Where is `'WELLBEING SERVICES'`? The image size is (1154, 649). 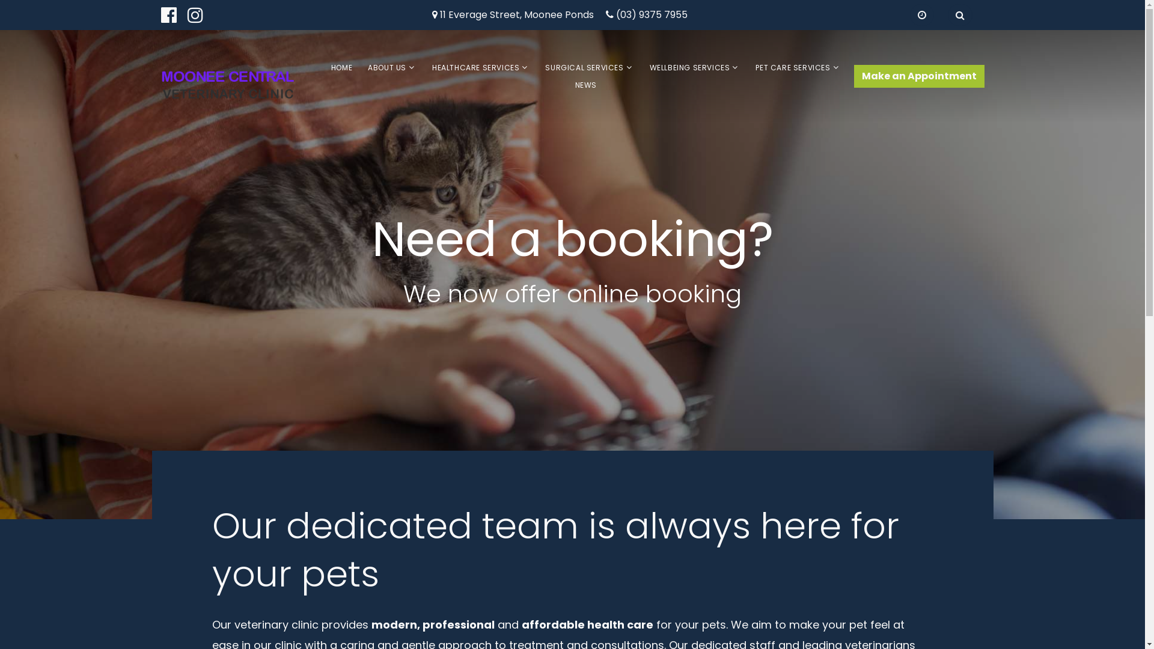 'WELLBEING SERVICES' is located at coordinates (649, 67).